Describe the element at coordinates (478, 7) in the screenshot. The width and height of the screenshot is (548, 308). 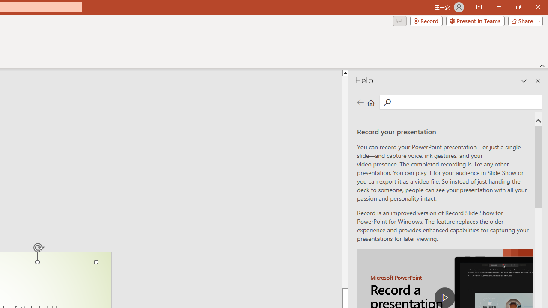
I see `'Ribbon Display Options'` at that location.